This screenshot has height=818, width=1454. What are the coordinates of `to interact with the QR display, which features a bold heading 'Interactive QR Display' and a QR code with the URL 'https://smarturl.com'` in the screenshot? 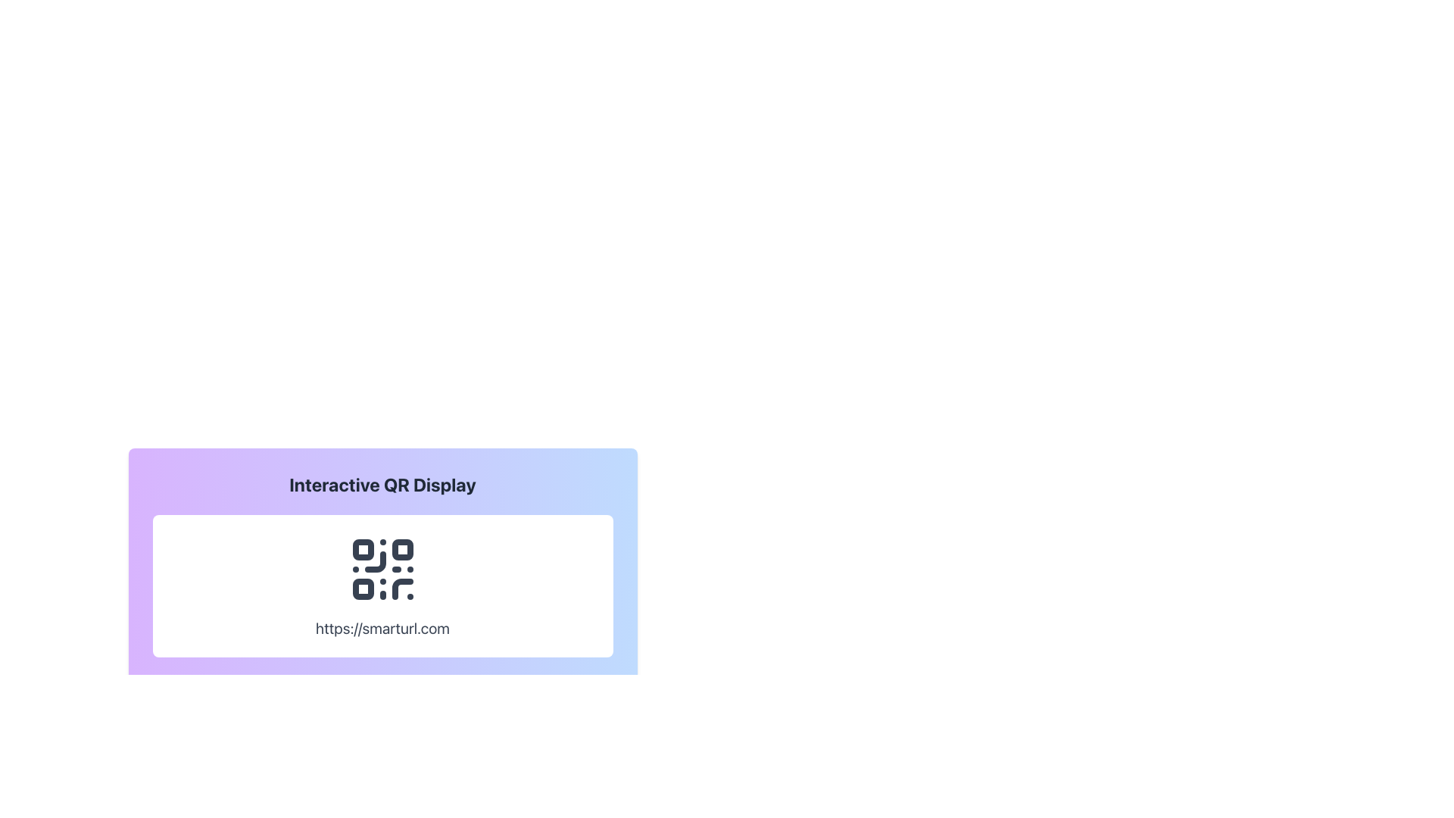 It's located at (382, 598).